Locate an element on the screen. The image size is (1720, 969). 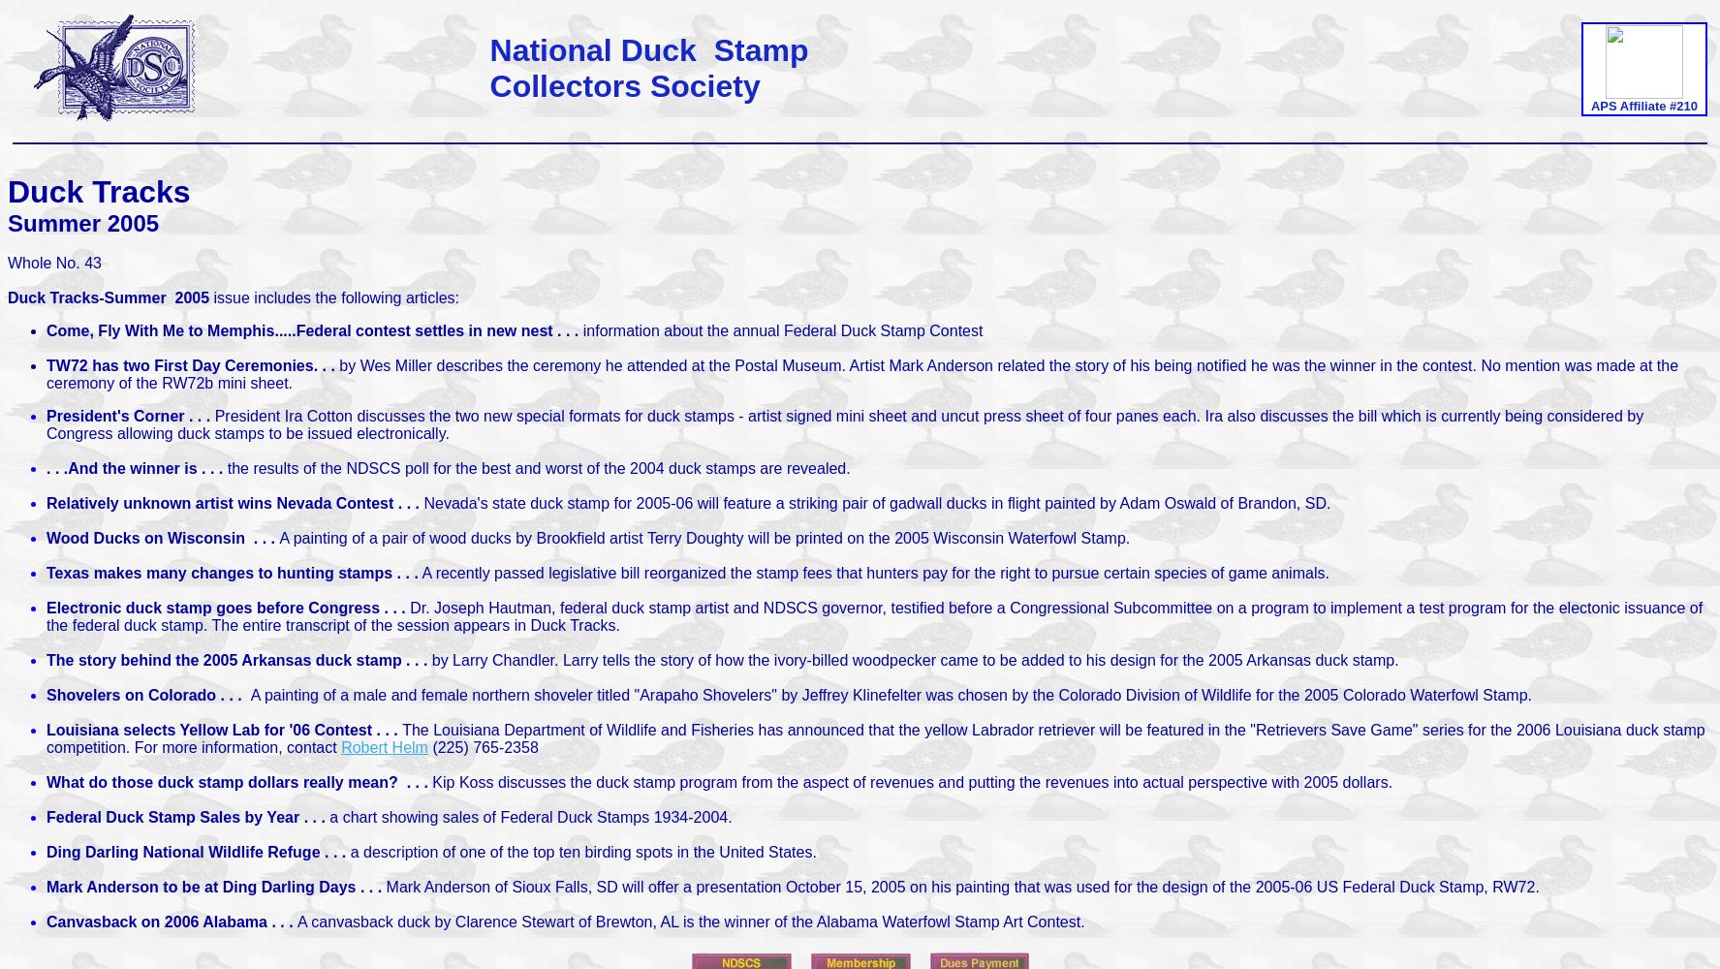
'Whole No. 4' is located at coordinates (49, 263).